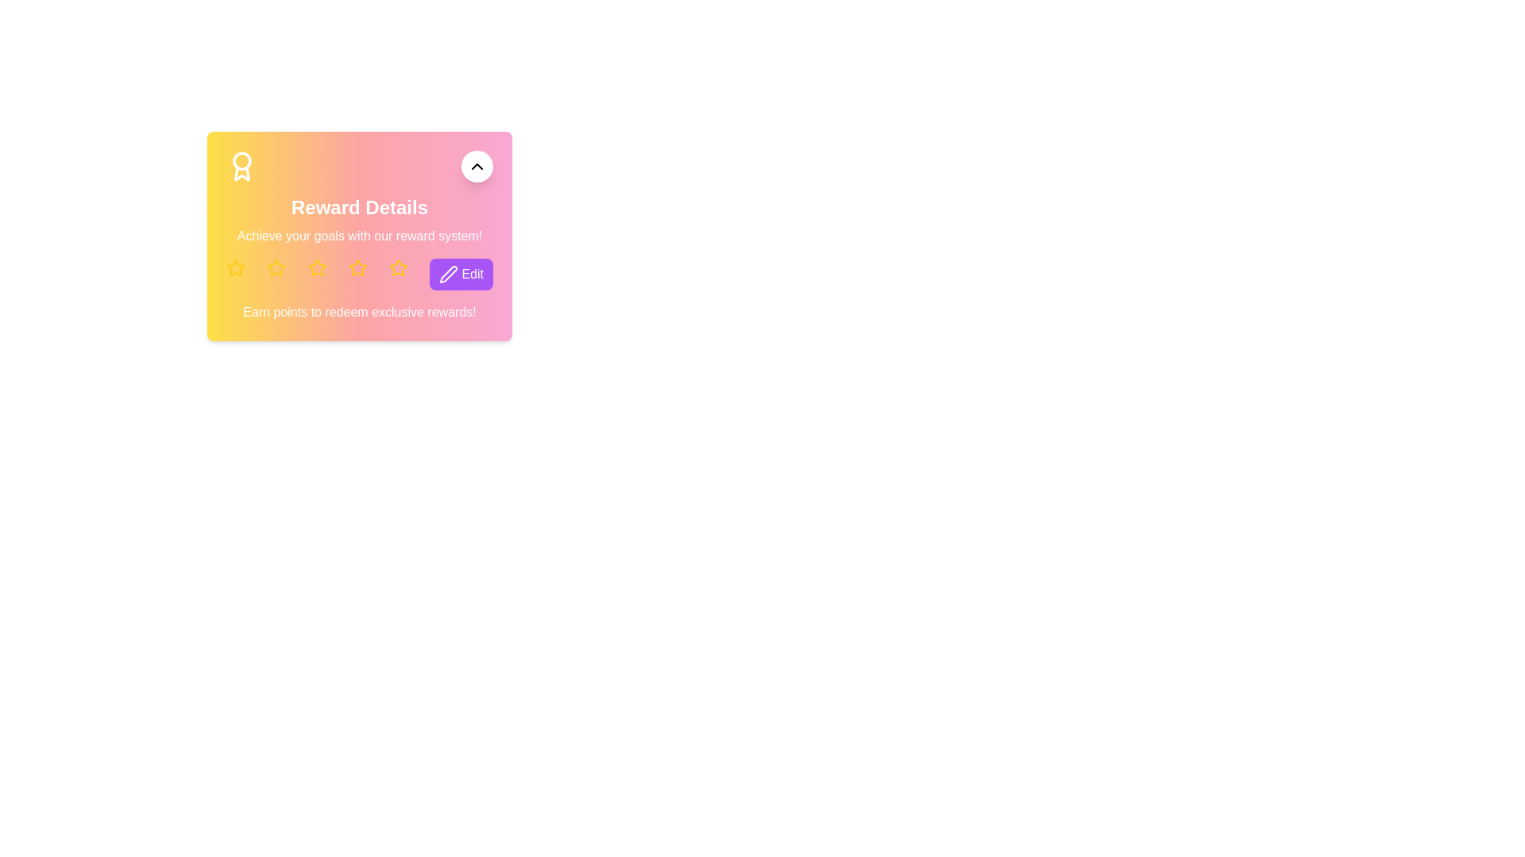 This screenshot has width=1525, height=857. I want to click on the white circular button with an upward chevron arrow icon located at the top right corner of the 'Reward Details' content area, so click(476, 166).